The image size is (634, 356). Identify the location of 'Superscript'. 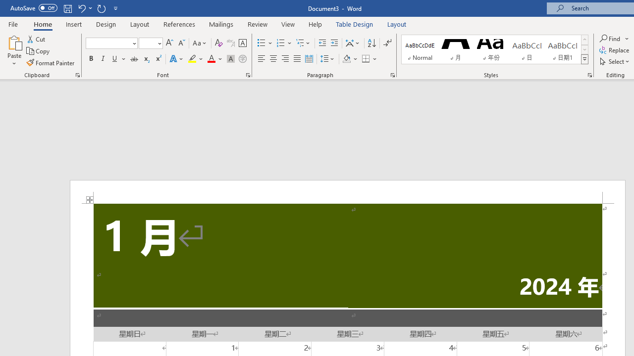
(158, 59).